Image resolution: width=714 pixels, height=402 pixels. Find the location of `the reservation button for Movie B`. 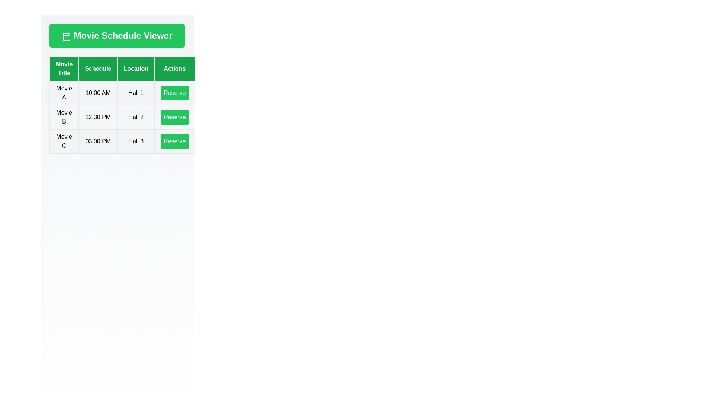

the reservation button for Movie B is located at coordinates (174, 117).